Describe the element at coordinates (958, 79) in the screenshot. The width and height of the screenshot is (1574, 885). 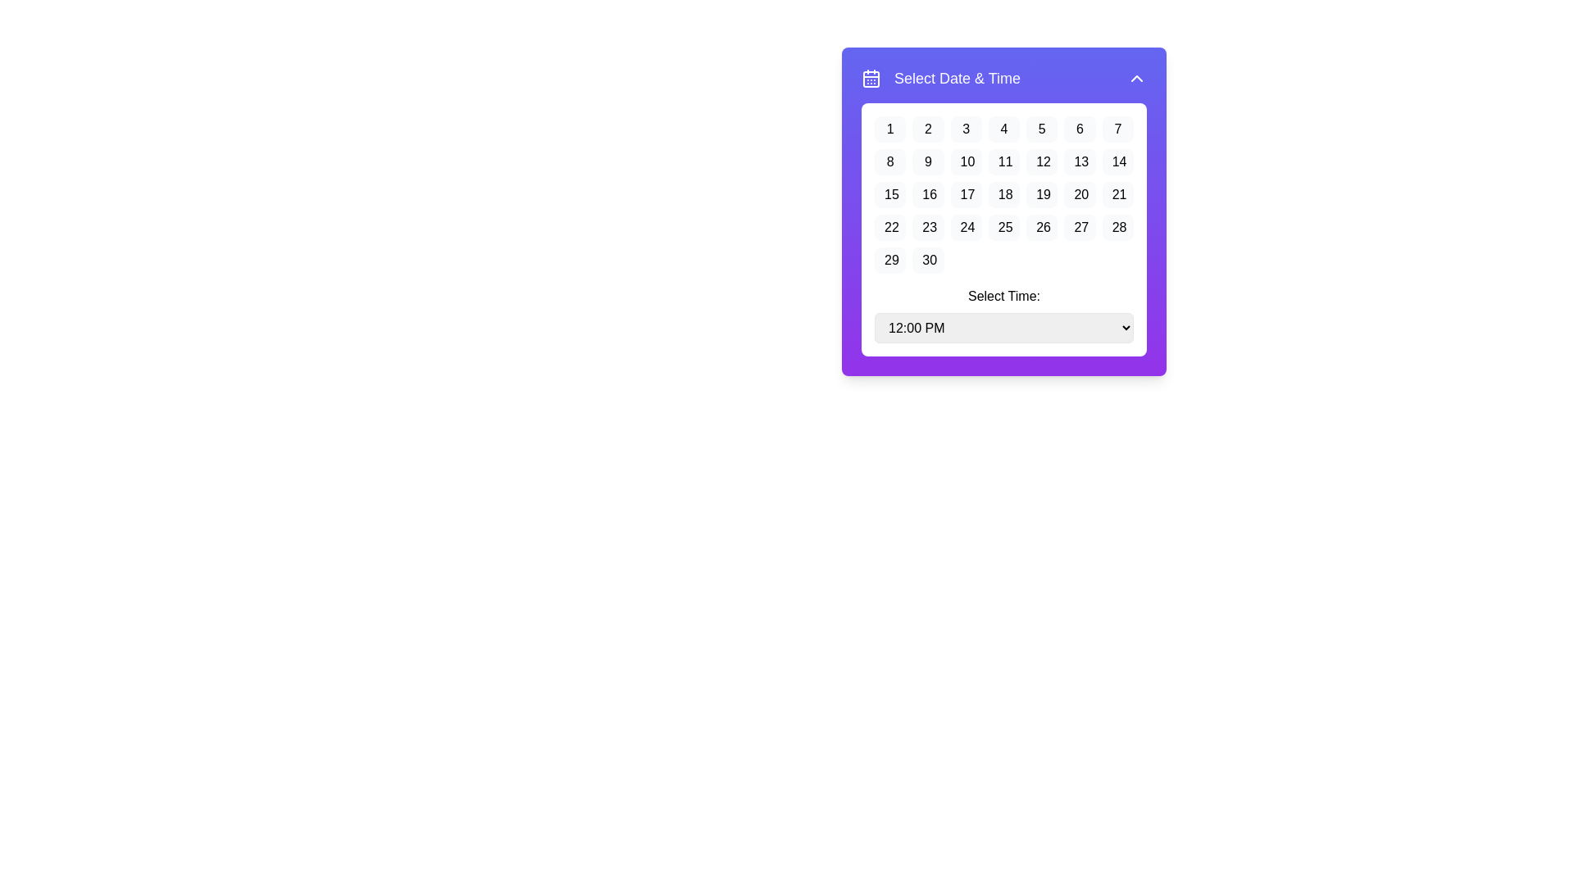
I see `the text label that serves as a header for selecting a date and time, positioned to the right of the calendar icon within the purple rectangular widget` at that location.